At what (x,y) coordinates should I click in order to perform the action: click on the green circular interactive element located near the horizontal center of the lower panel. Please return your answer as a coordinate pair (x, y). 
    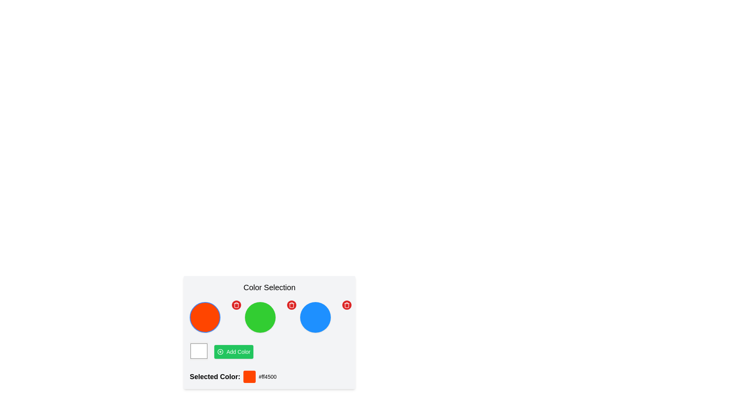
    Looking at the image, I should click on (260, 317).